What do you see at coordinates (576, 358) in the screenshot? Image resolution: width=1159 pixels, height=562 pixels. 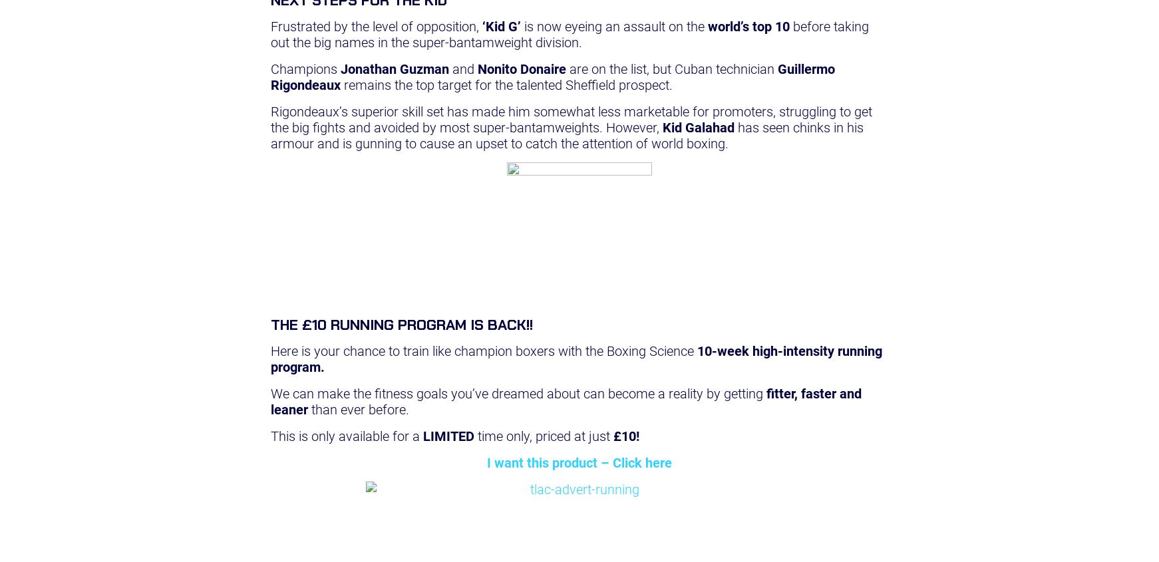 I see `'10-week high-intensity running program.'` at bounding box center [576, 358].